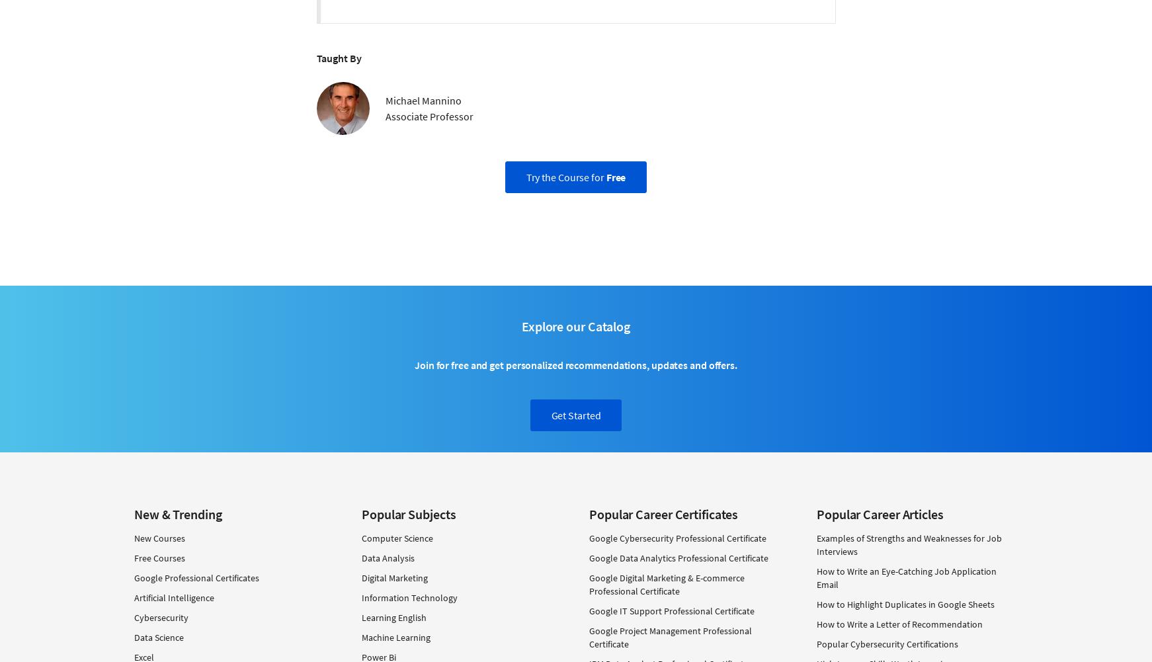  I want to click on 'Google Digital Marketing & E-commerce Professional Certificate', so click(666, 584).